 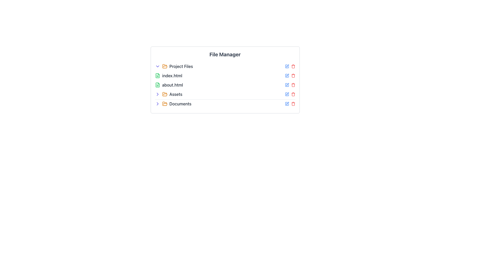 What do you see at coordinates (164, 104) in the screenshot?
I see `the orange open folder icon with rounded edges located next to the 'Documents' text label` at bounding box center [164, 104].